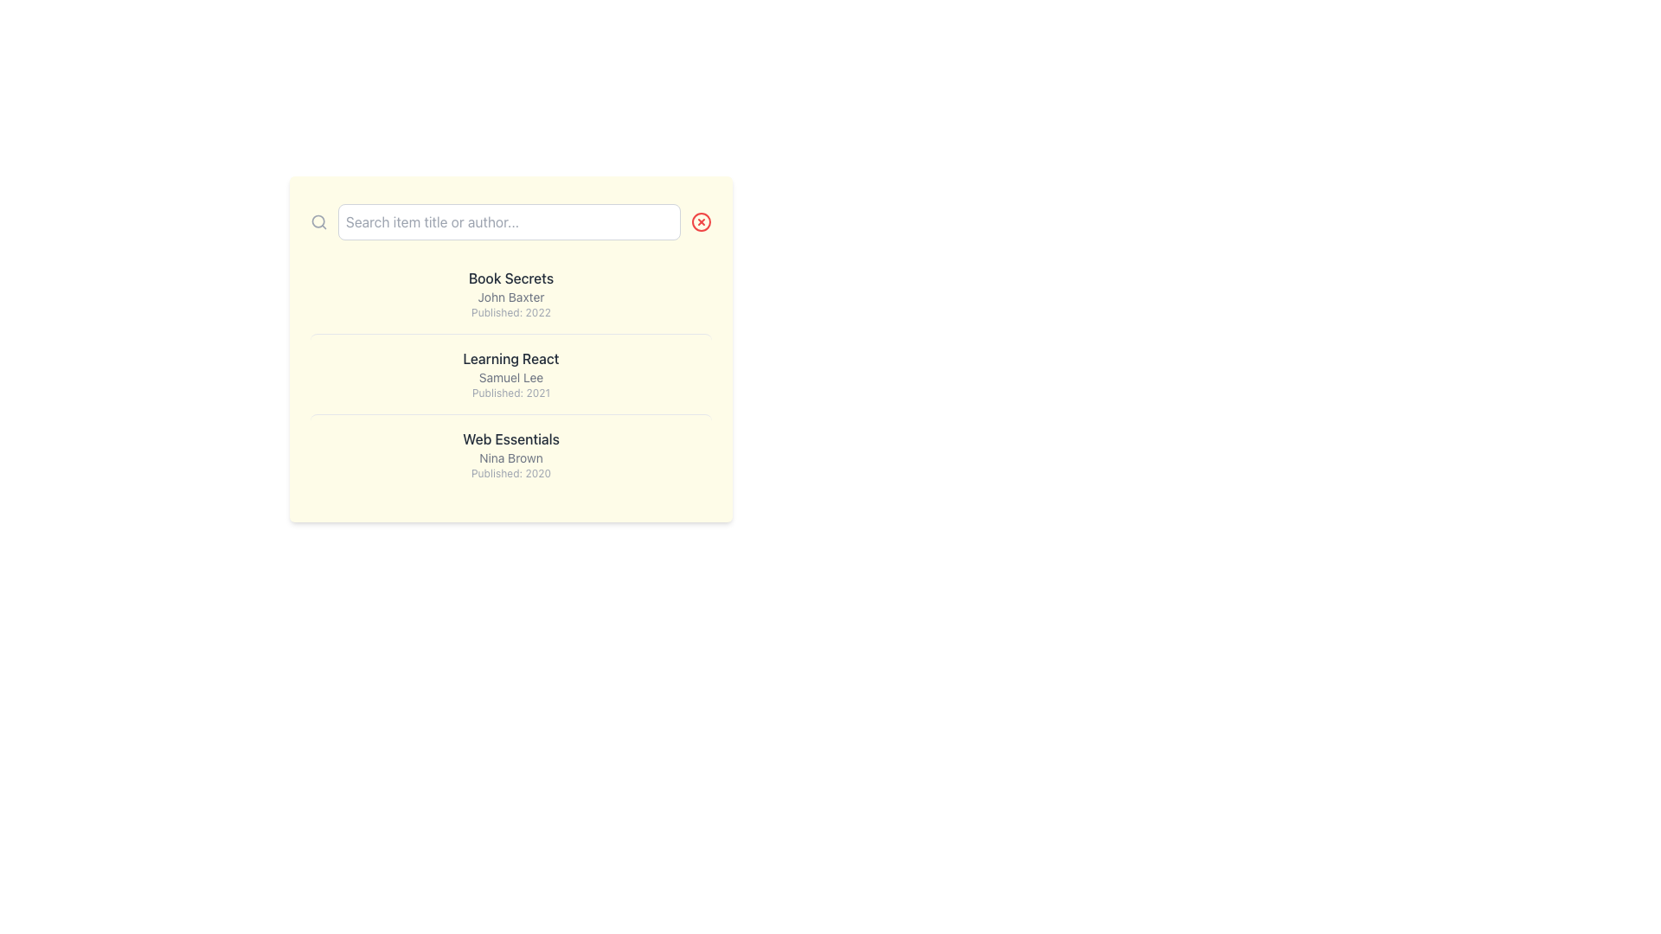 The width and height of the screenshot is (1661, 934). What do you see at coordinates (510, 376) in the screenshot?
I see `text label identifying the author 'Samuel Lee' located below the title 'Learning React' and above the publication date 'Published: 2021'` at bounding box center [510, 376].